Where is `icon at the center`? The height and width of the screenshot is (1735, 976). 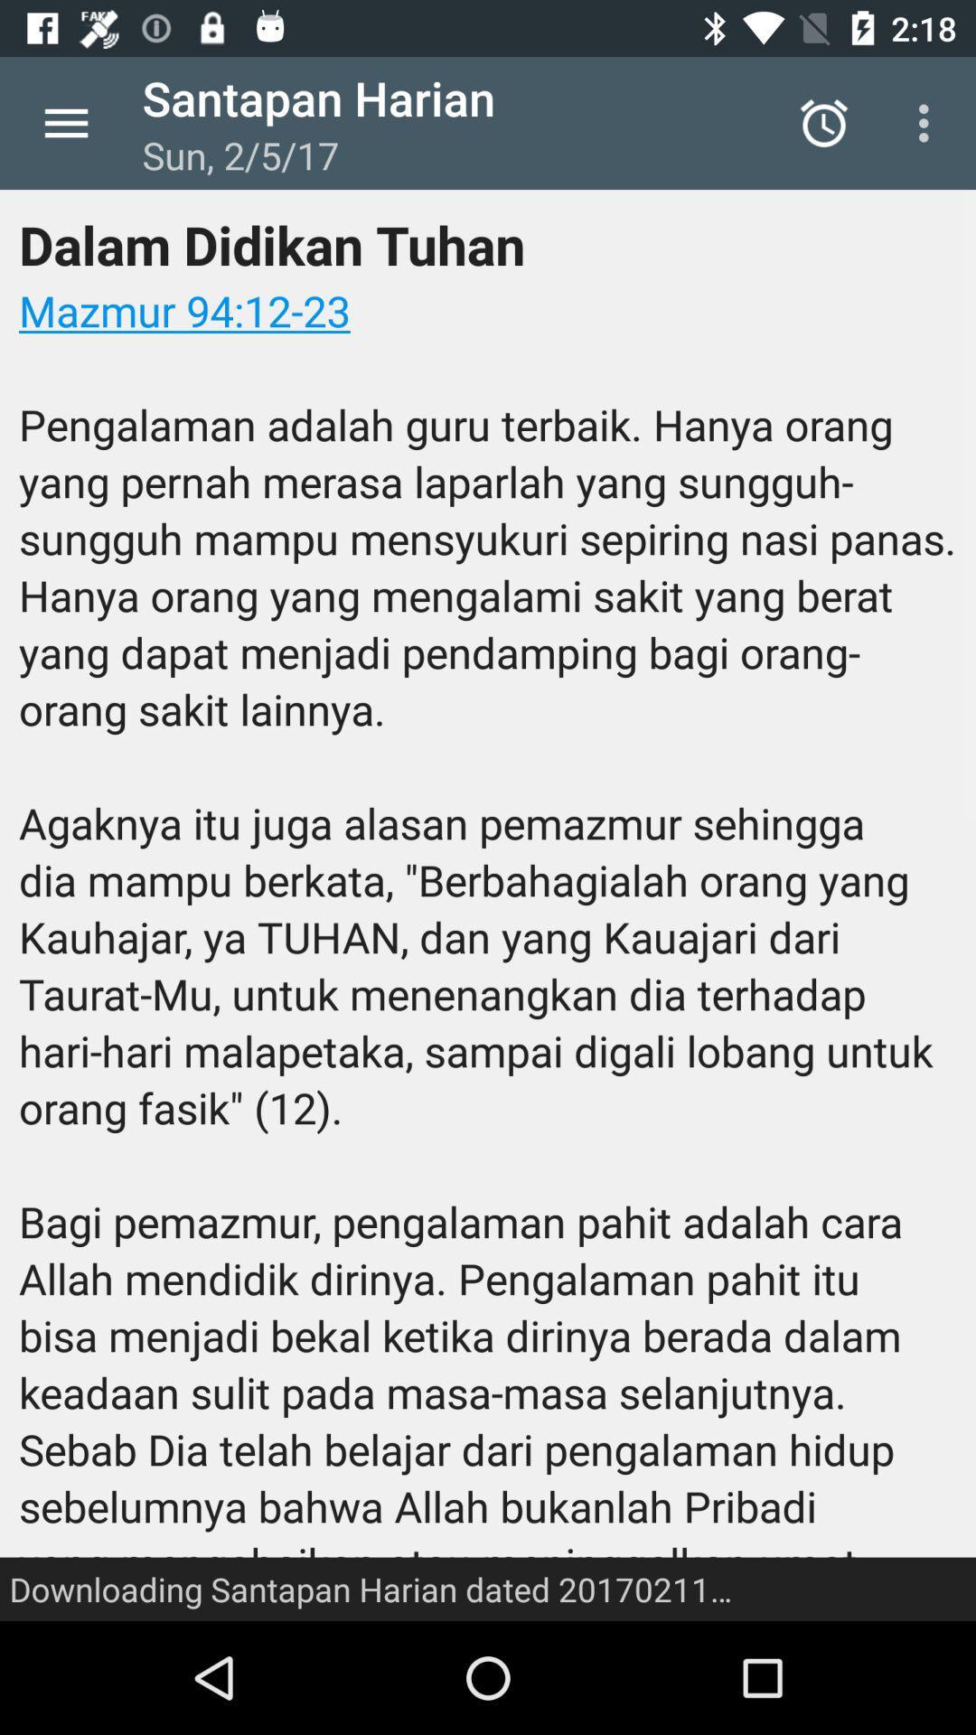 icon at the center is located at coordinates (488, 905).